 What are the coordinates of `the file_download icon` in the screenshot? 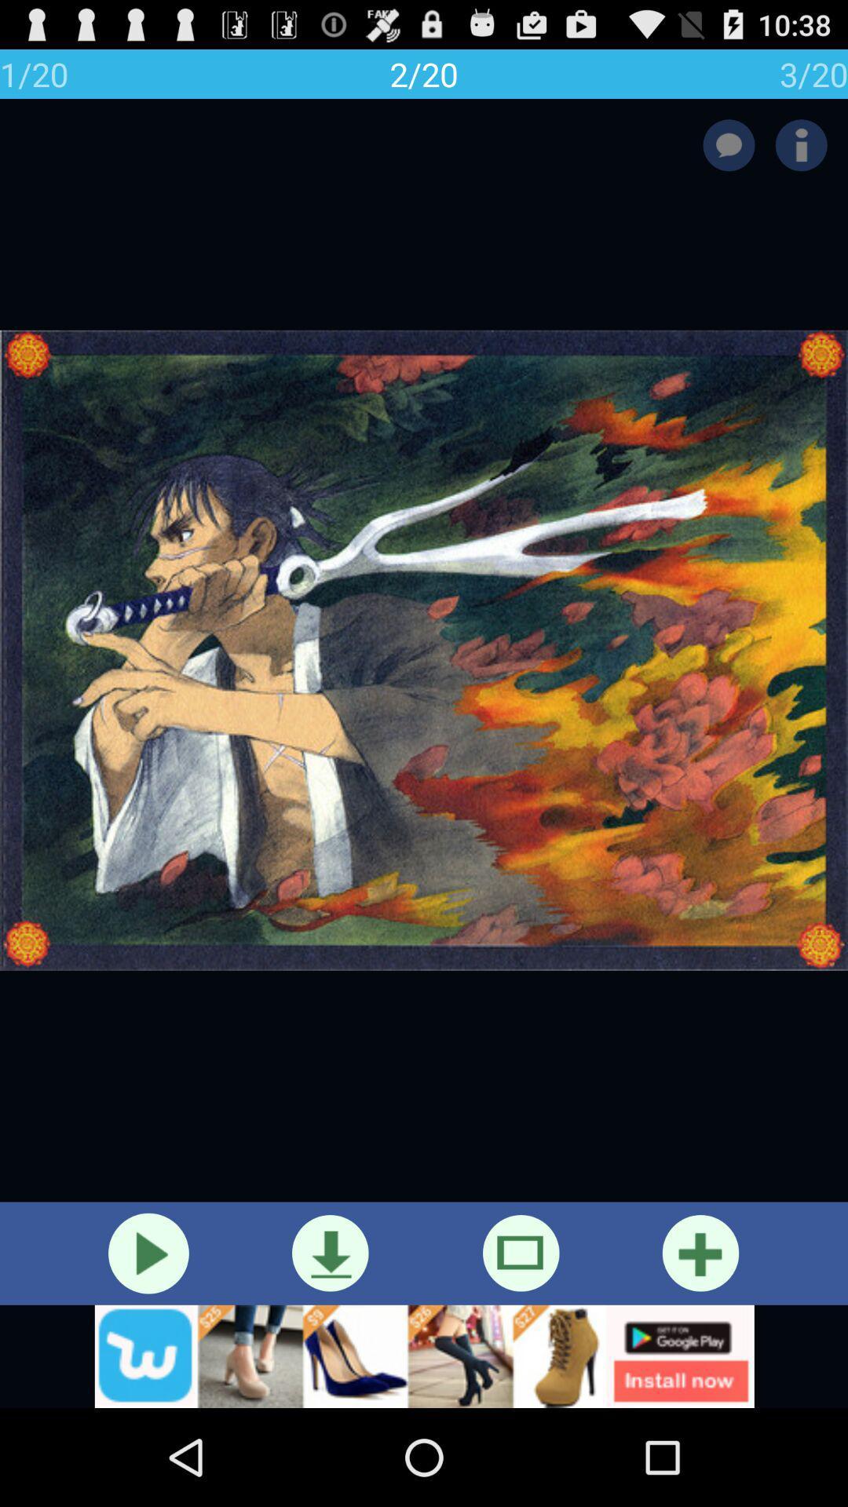 It's located at (329, 1340).